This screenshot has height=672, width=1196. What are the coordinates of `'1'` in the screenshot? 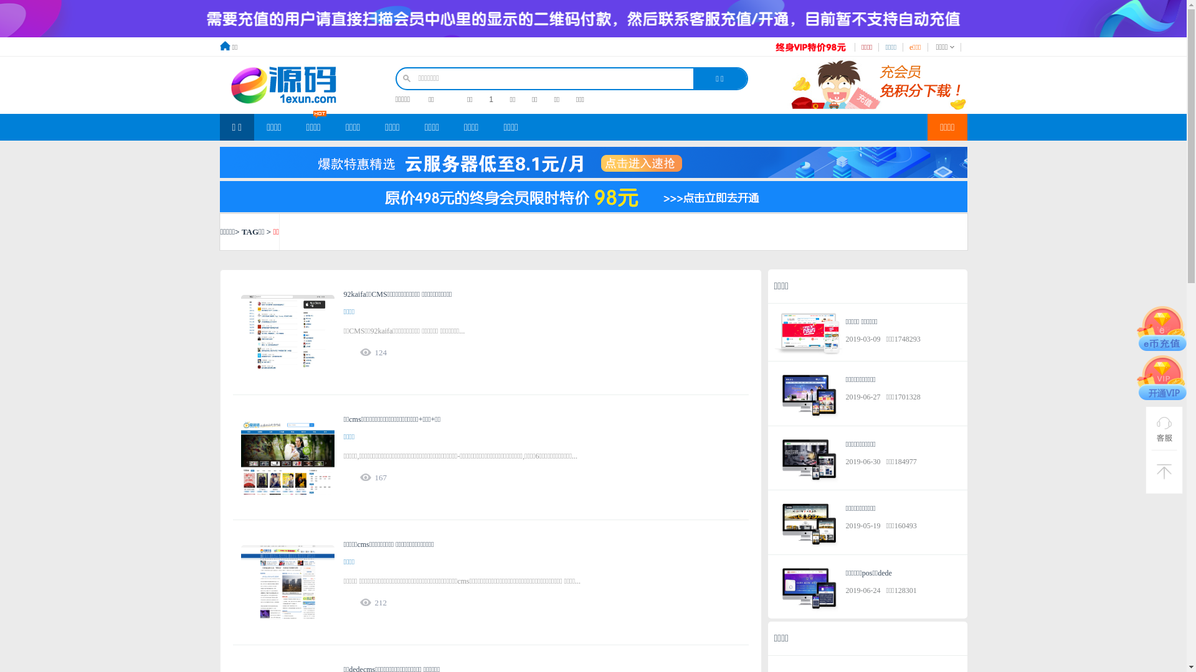 It's located at (488, 98).